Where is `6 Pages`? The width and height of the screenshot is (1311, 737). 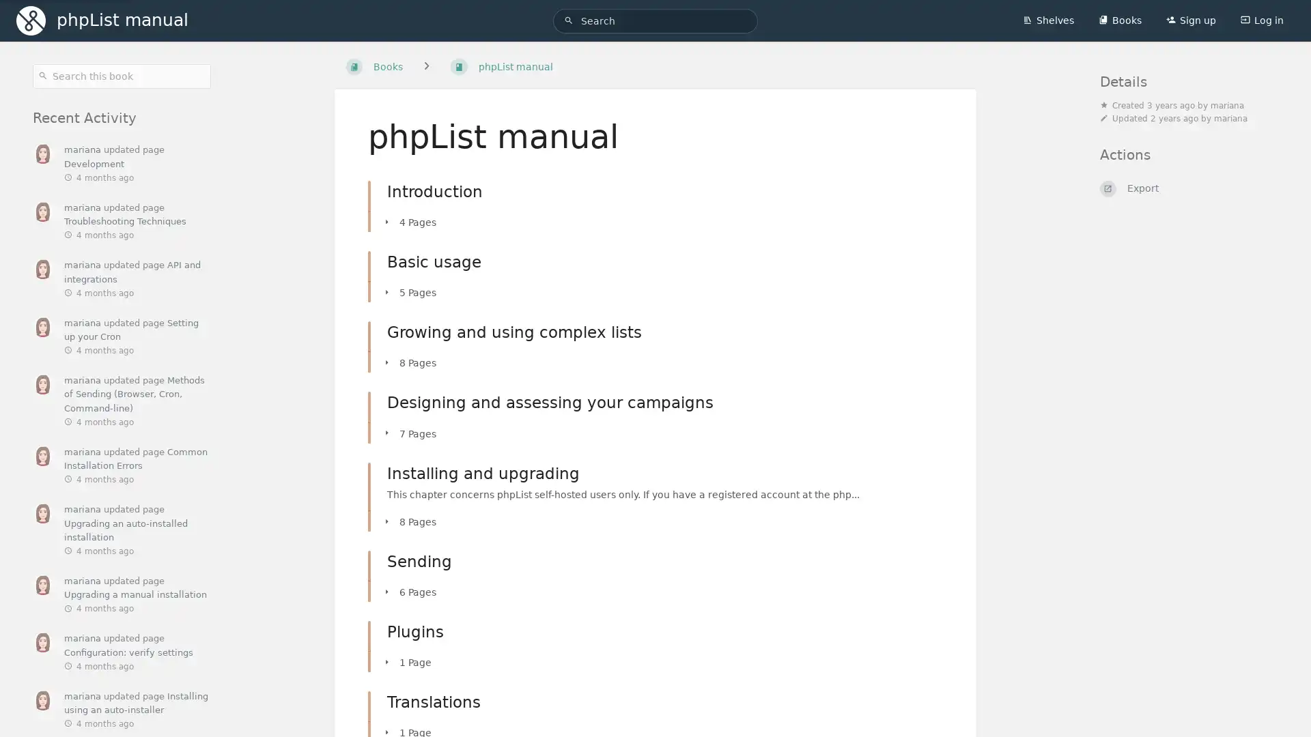 6 Pages is located at coordinates (655, 590).